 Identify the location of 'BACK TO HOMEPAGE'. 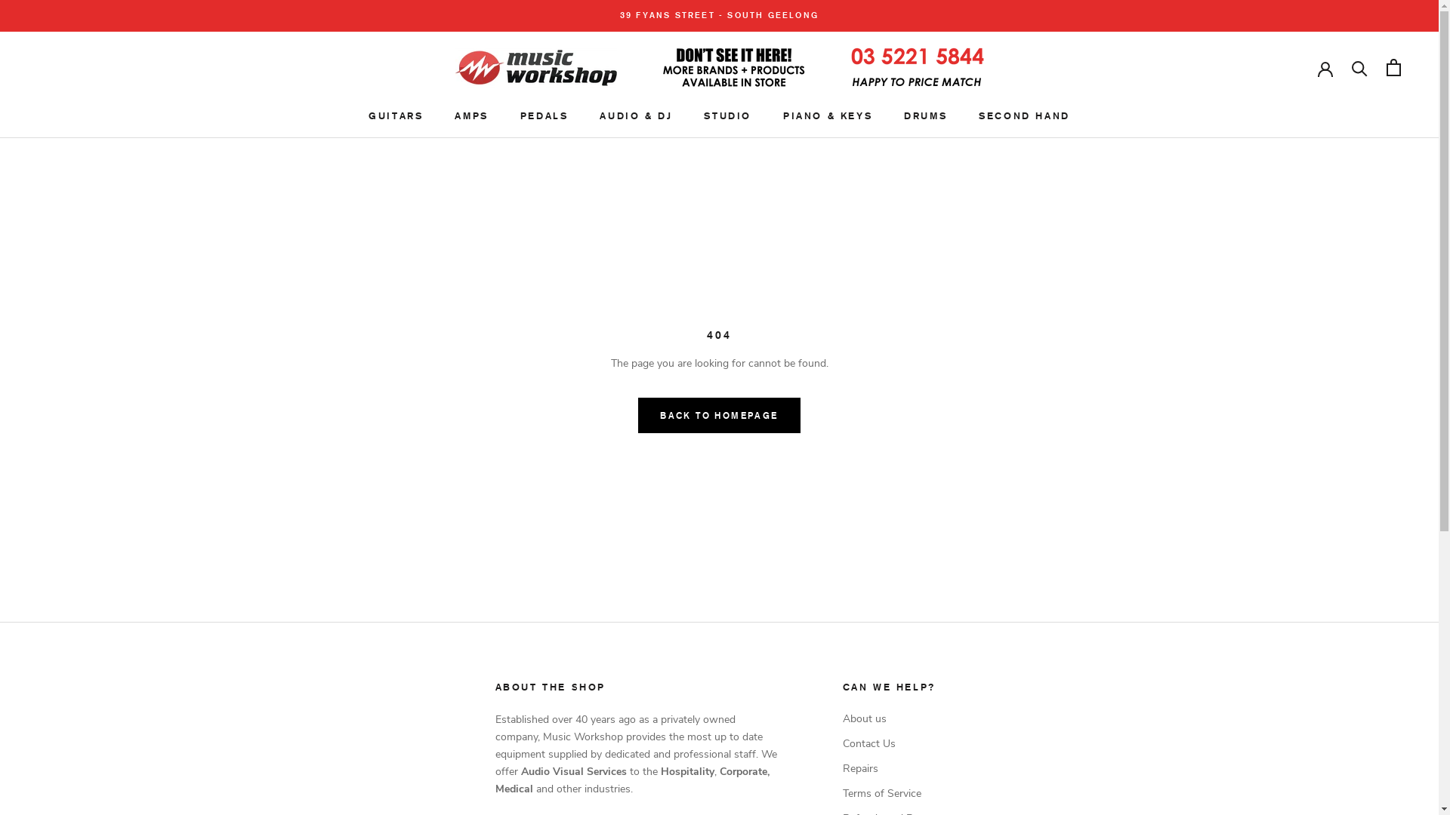
(717, 415).